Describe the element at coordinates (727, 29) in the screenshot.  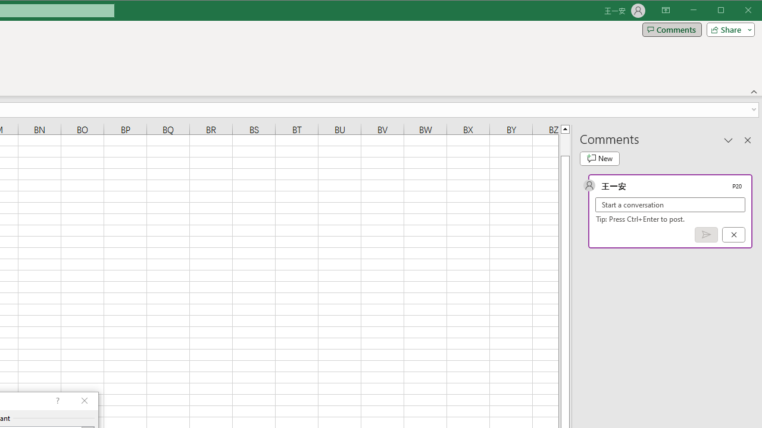
I see `'Share'` at that location.